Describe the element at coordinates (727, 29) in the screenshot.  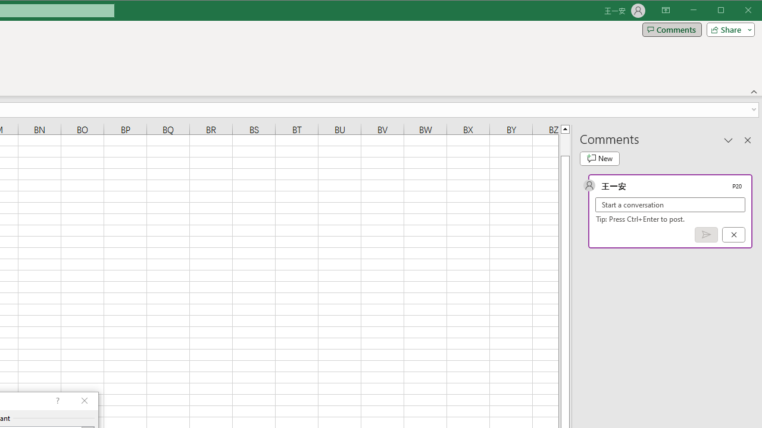
I see `'Share'` at that location.